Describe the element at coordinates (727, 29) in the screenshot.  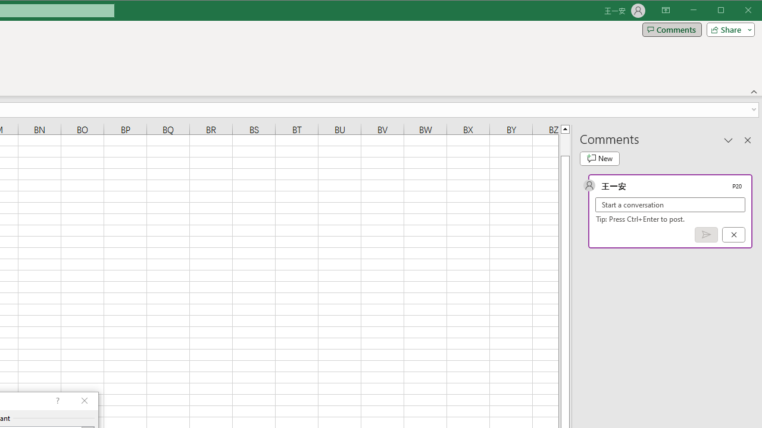
I see `'Share'` at that location.